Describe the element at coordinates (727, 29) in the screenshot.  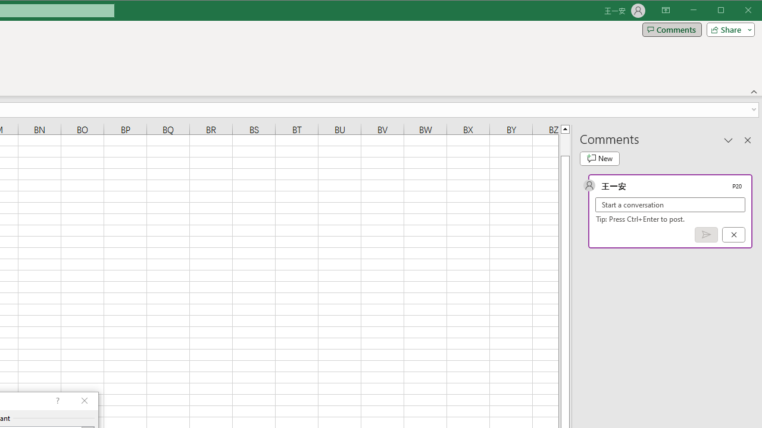
I see `'Share'` at that location.